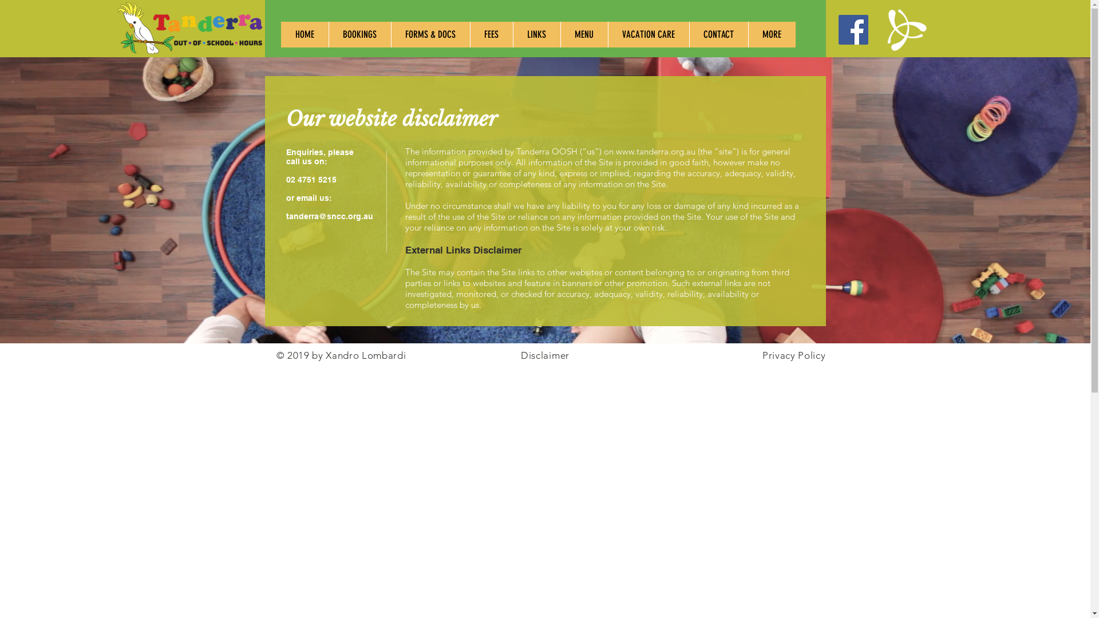 Image resolution: width=1099 pixels, height=618 pixels. What do you see at coordinates (560, 34) in the screenshot?
I see `'MENU'` at bounding box center [560, 34].